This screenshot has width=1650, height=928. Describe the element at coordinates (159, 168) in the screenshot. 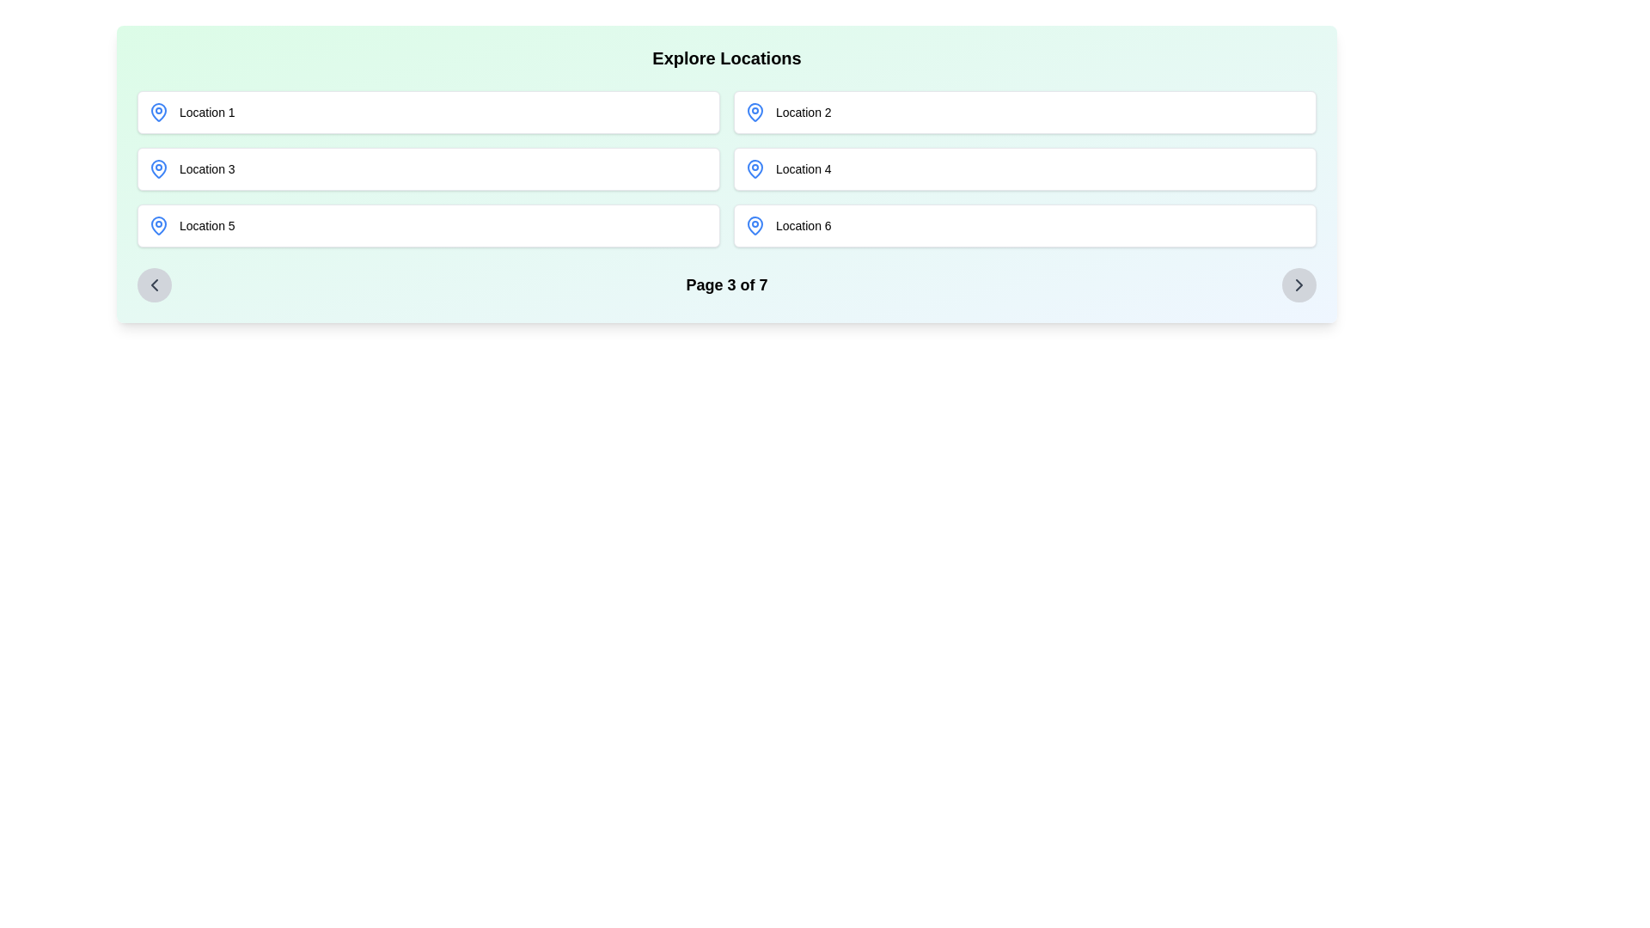

I see `the SVG icon representing a map pin next to the text 'Location 3' for annotation` at that location.